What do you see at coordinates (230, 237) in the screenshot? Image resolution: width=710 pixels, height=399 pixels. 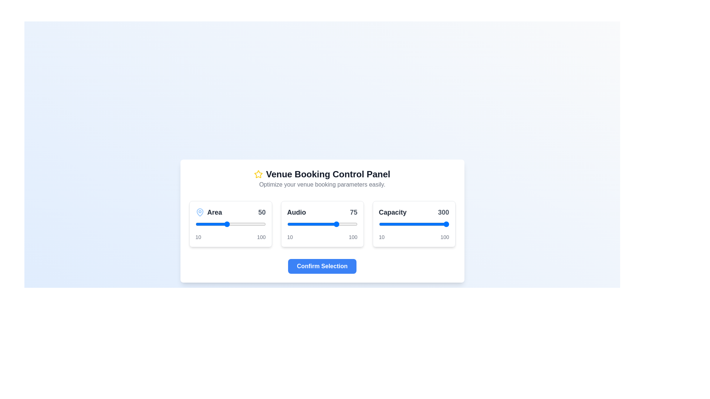 I see `the static label displaying the numerical range '10' and '100' located at the bottom of the 'Area' control panel beneath the slider` at bounding box center [230, 237].